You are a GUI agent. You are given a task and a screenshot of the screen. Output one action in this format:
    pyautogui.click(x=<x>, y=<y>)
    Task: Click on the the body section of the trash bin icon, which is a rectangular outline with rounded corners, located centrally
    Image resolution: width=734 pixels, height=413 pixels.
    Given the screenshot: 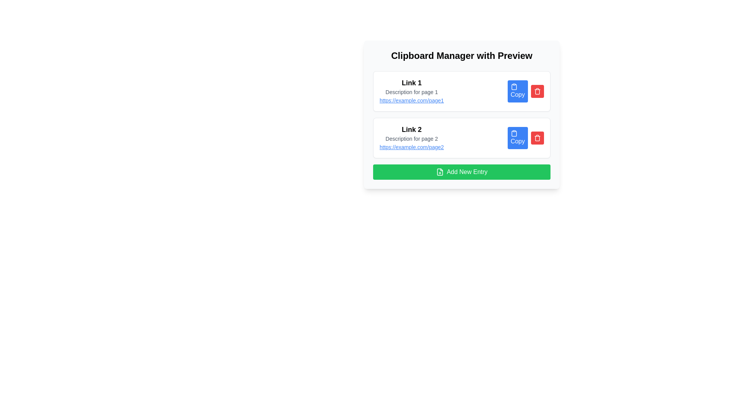 What is the action you would take?
    pyautogui.click(x=537, y=91)
    